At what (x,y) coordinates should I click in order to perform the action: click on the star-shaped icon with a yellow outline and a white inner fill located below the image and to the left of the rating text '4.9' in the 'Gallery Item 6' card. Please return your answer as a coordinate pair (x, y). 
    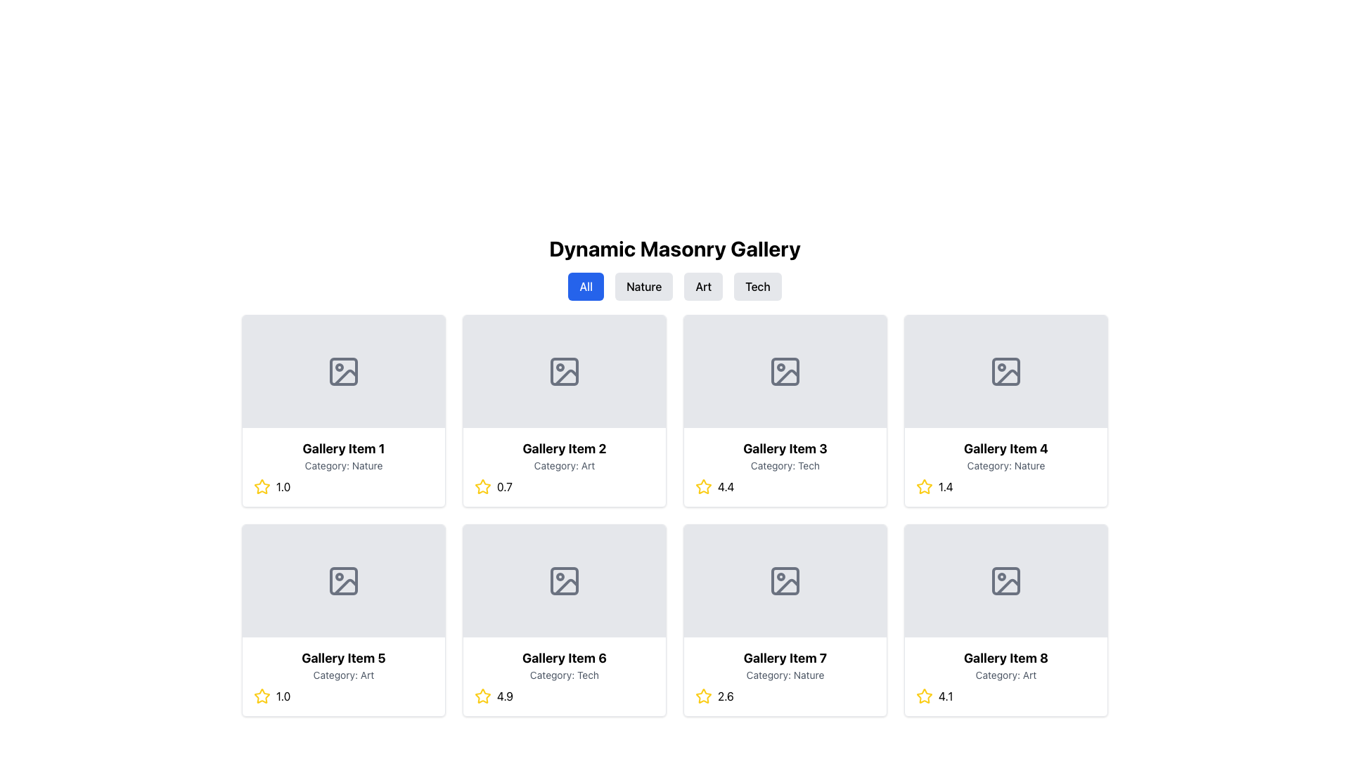
    Looking at the image, I should click on (482, 696).